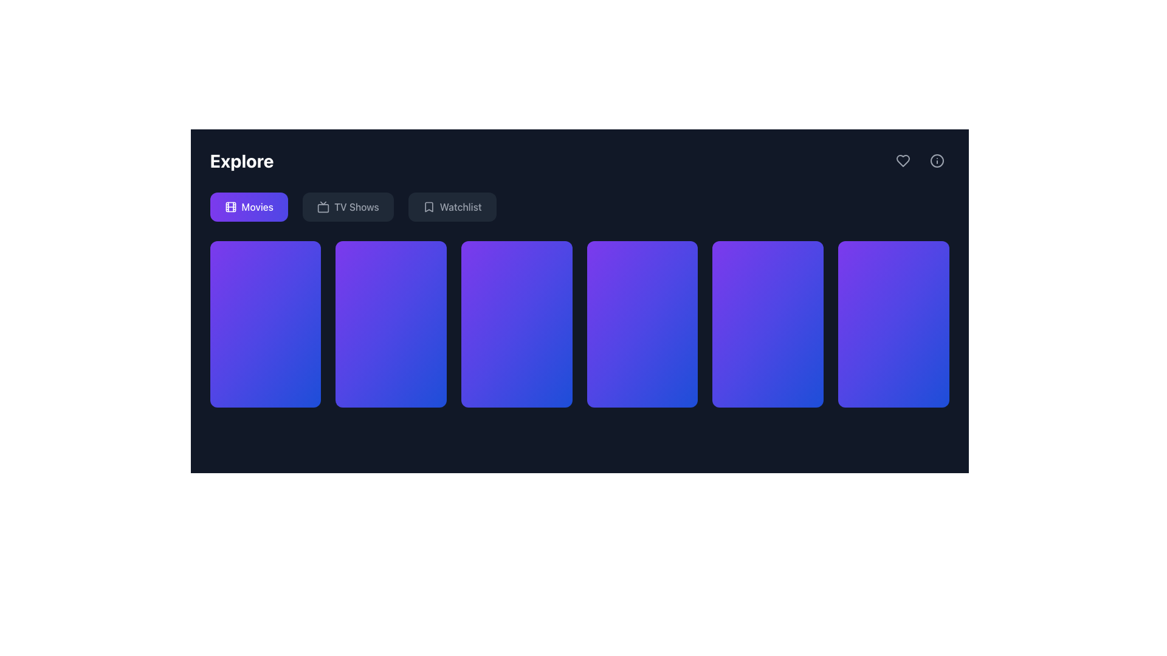 The image size is (1167, 656). What do you see at coordinates (903, 160) in the screenshot?
I see `the heart icon button located at the top-right corner of the interface` at bounding box center [903, 160].